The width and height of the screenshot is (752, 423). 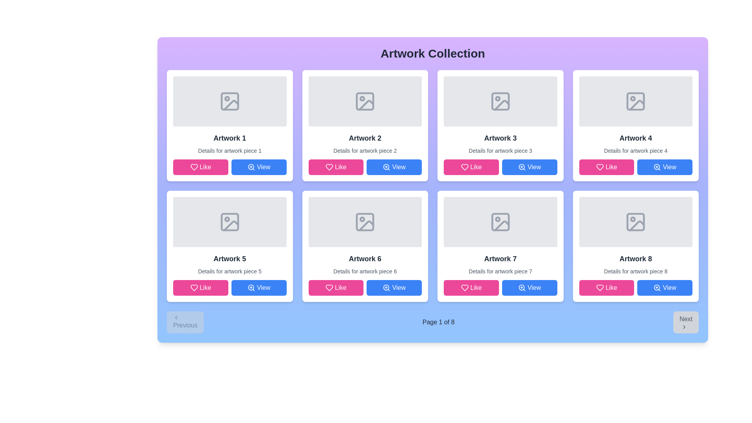 What do you see at coordinates (600, 288) in the screenshot?
I see `the heart icon within the 'Like' button below the image and text of 'Artwork 8' to indicate approval for the associated content` at bounding box center [600, 288].